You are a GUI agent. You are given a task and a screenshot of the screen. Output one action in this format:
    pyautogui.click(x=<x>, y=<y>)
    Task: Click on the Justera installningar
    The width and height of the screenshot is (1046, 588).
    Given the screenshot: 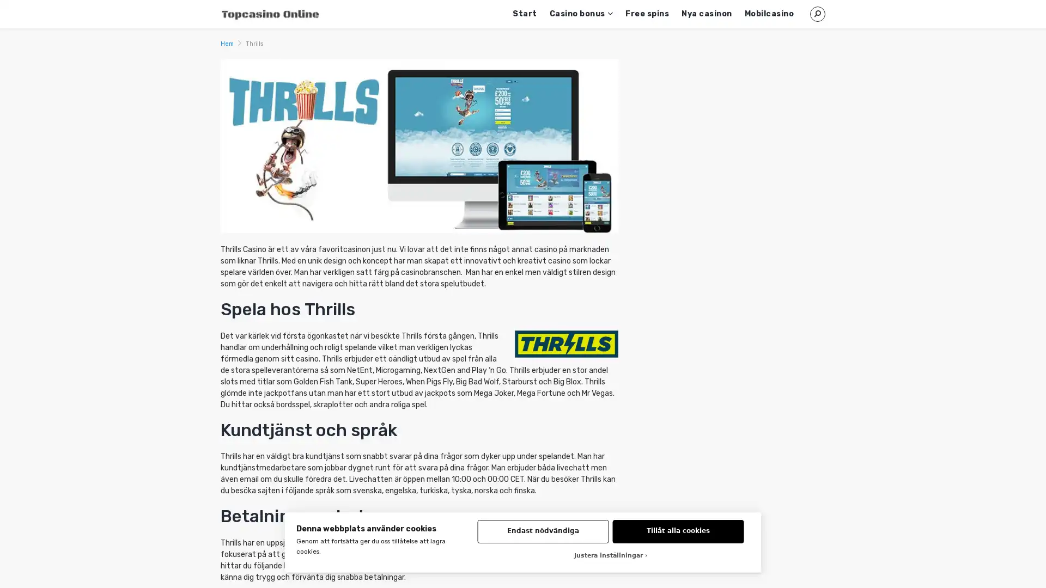 What is the action you would take?
    pyautogui.click(x=611, y=556)
    